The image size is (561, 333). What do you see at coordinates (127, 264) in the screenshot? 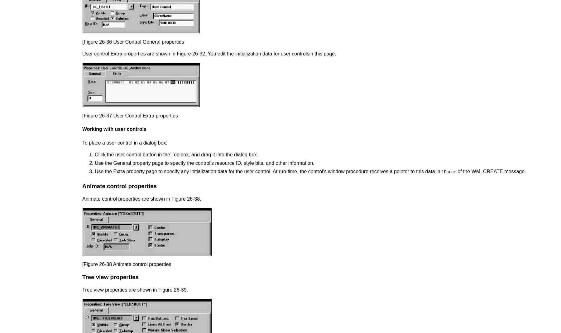
I see `'[Figure 26-38 Animate control properties'` at bounding box center [127, 264].